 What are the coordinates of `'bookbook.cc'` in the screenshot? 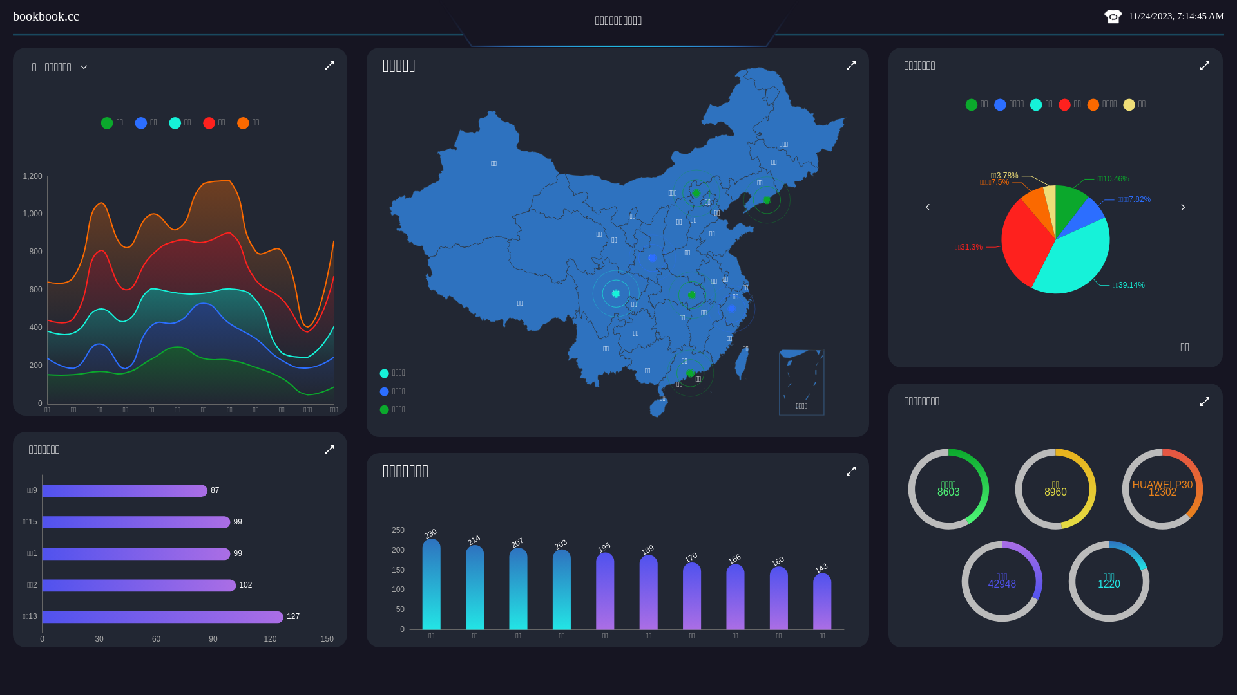 It's located at (46, 15).